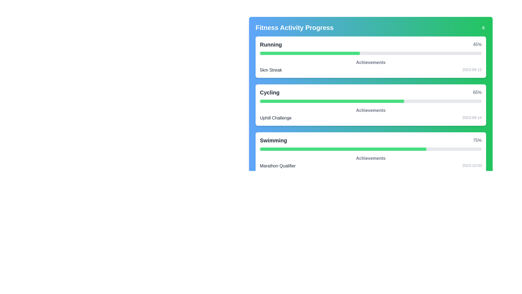  What do you see at coordinates (370, 53) in the screenshot?
I see `the Progress bar located in the 'Running' section, which visually indicates 45% completion and follows the text 'Running 45%.'` at bounding box center [370, 53].